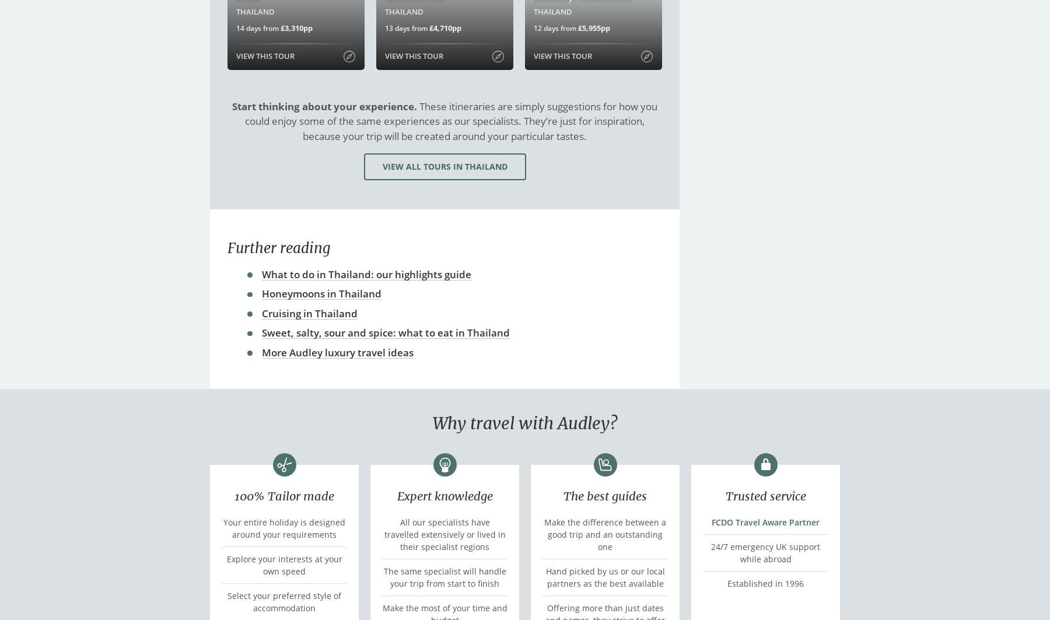  I want to click on '13', so click(389, 28).